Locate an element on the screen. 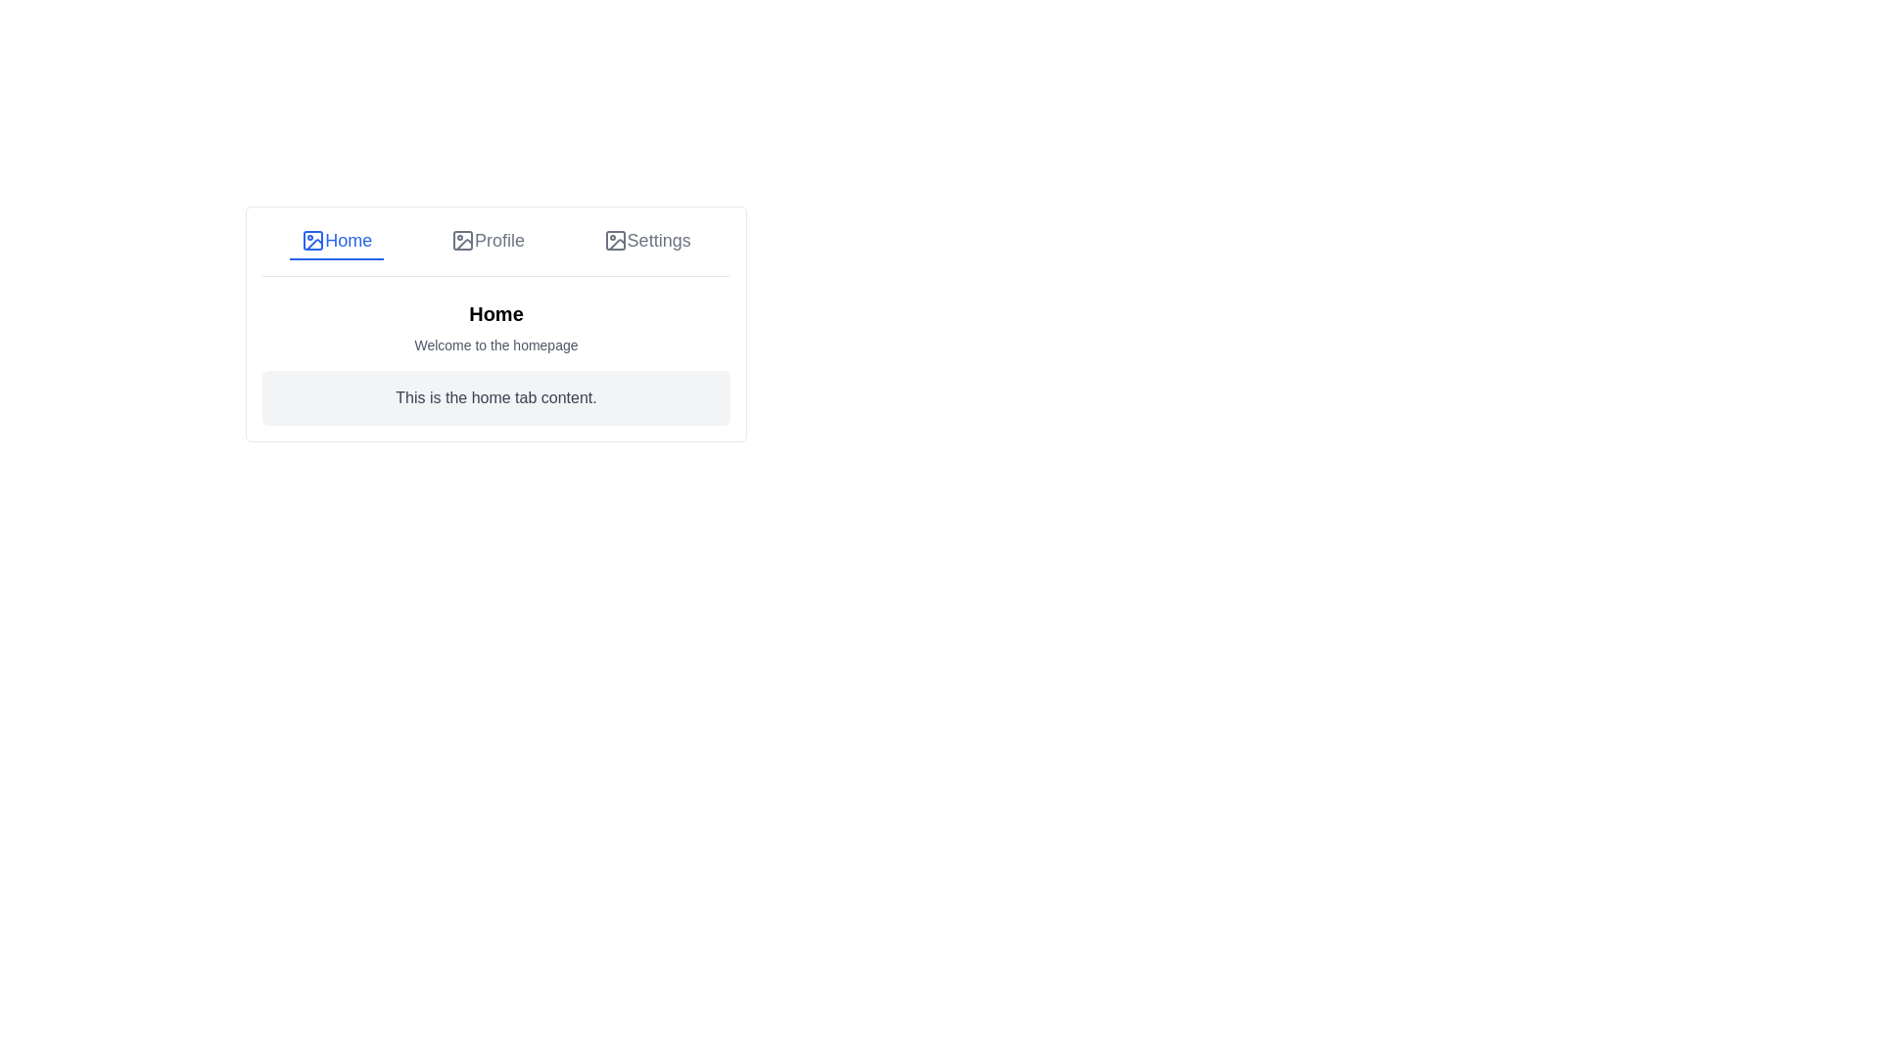 The height and width of the screenshot is (1057, 1880). the bold, black-colored 'Home' header text, which is centrally aligned and serves as the title for the section above other content elements is located at coordinates (496, 312).